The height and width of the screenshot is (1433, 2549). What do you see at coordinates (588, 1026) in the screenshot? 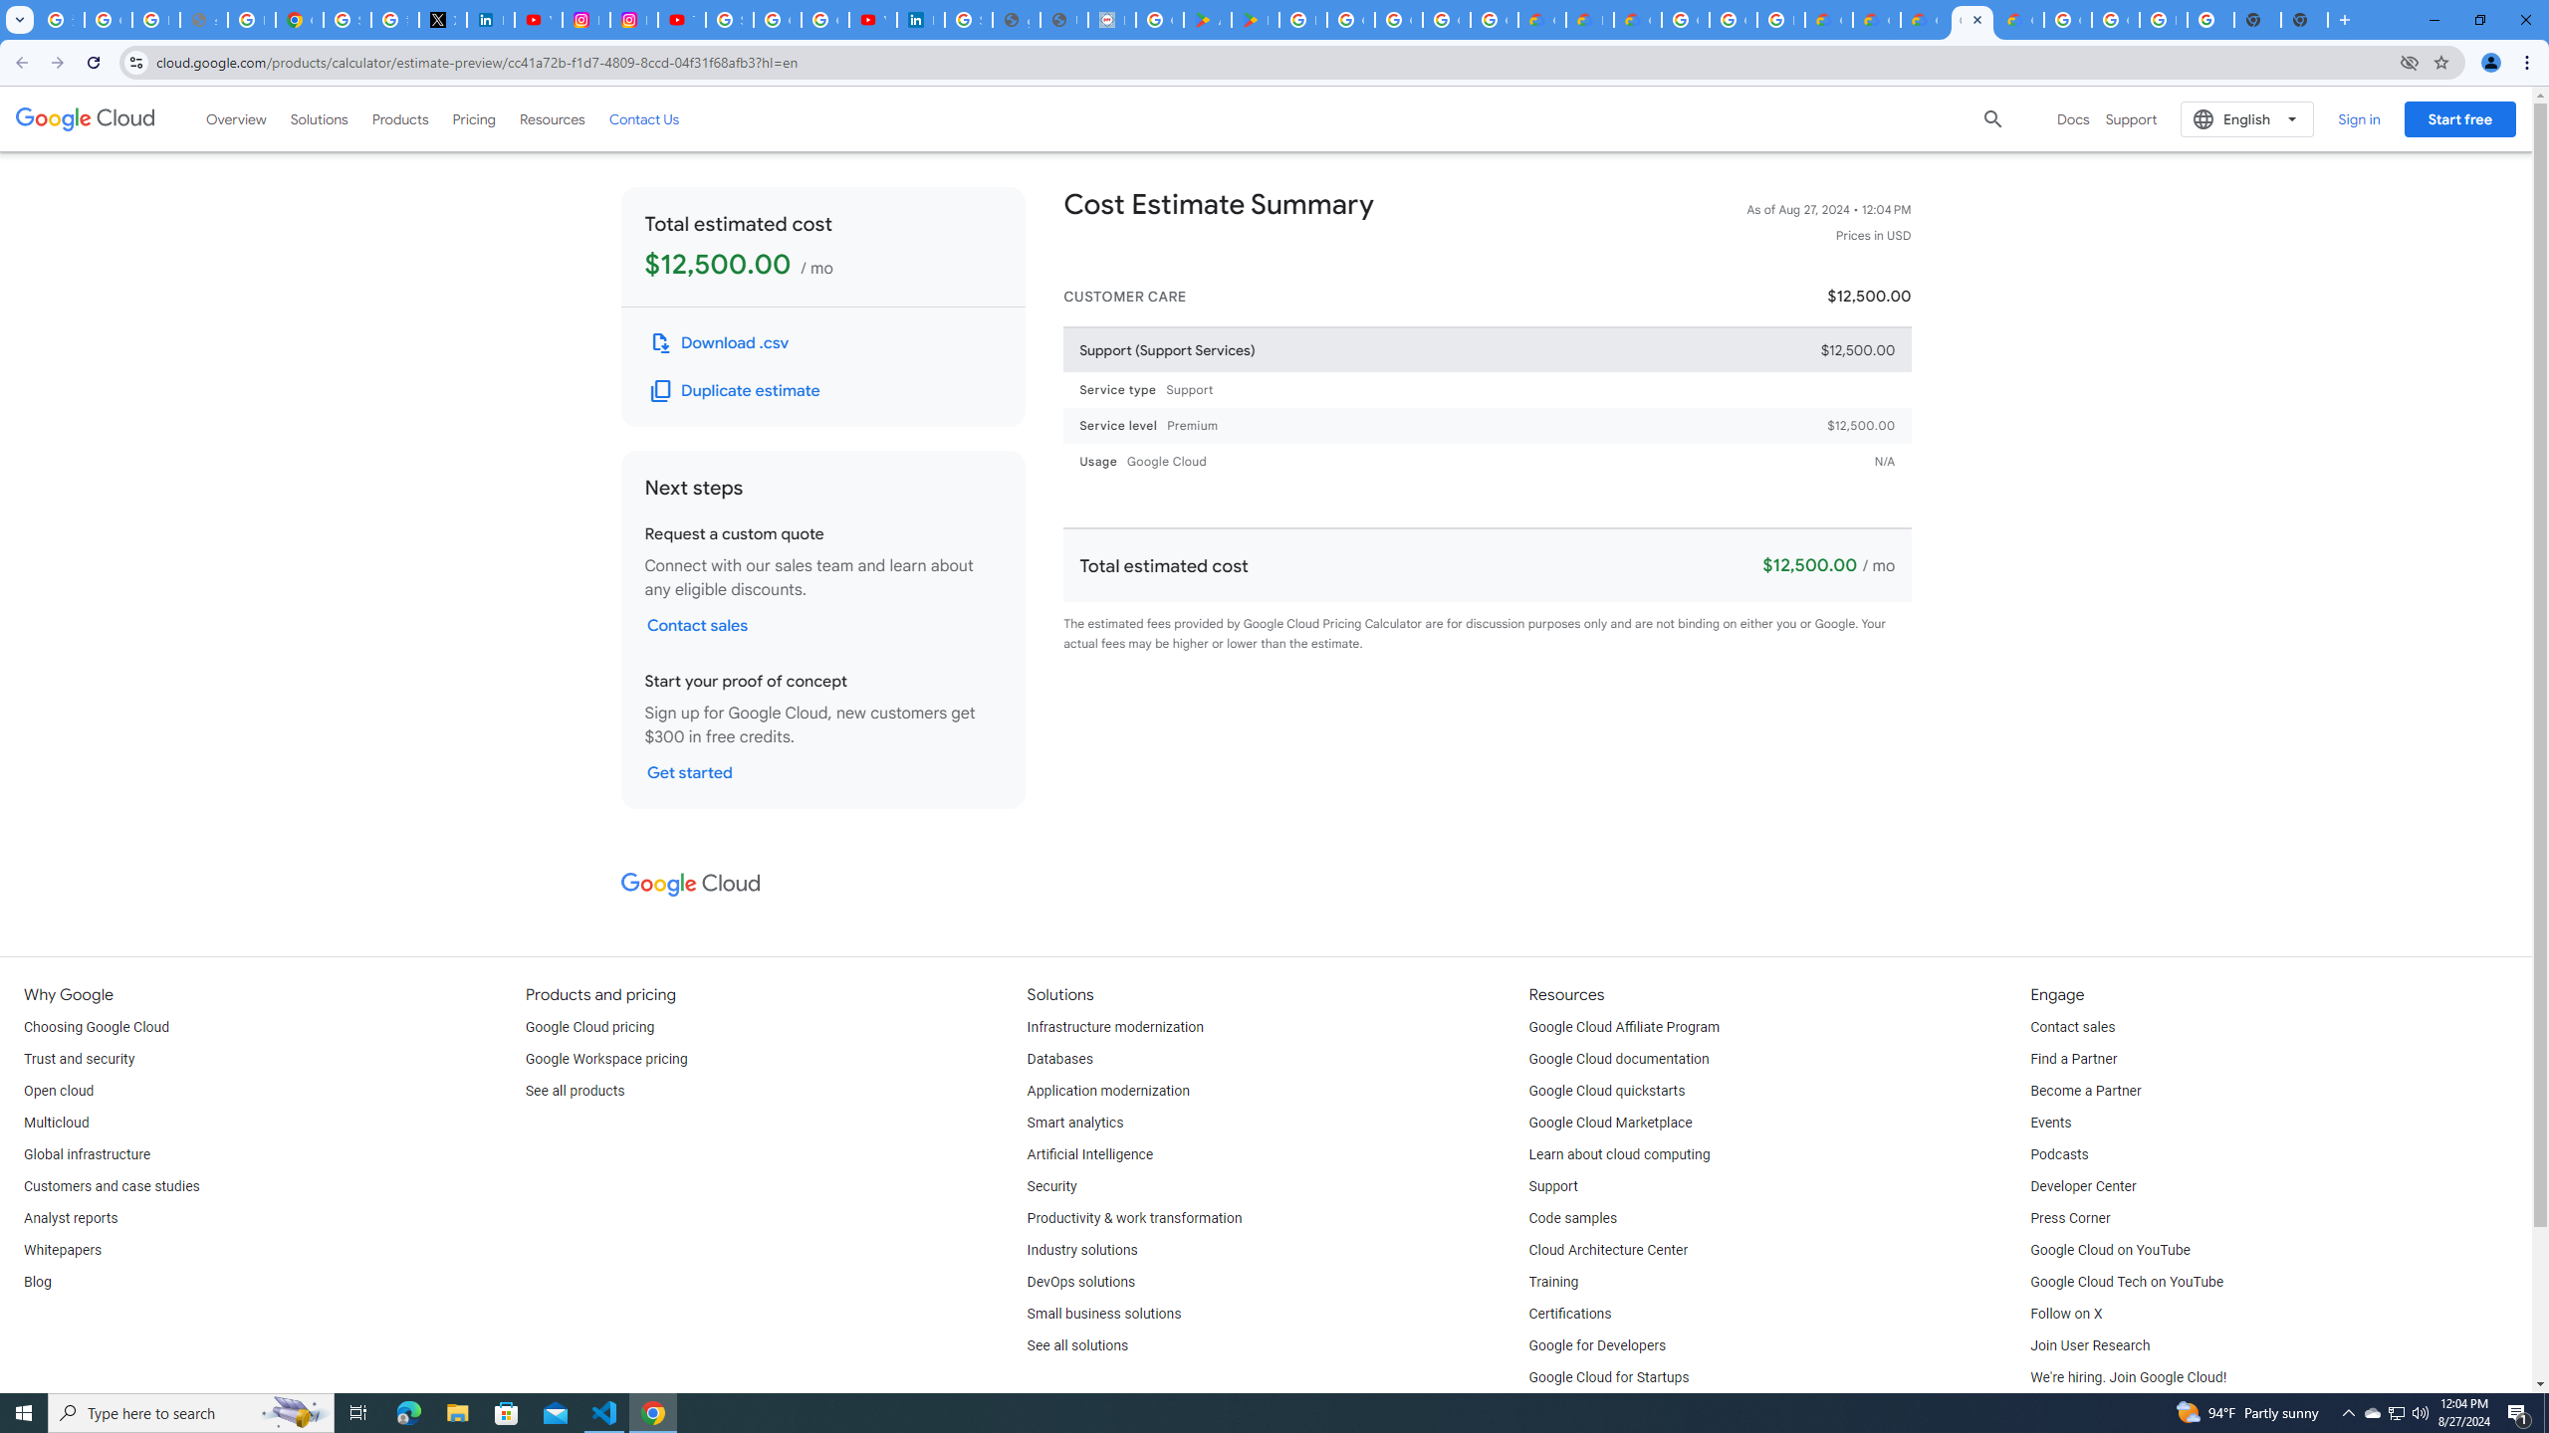
I see `'Google Cloud pricing'` at bounding box center [588, 1026].